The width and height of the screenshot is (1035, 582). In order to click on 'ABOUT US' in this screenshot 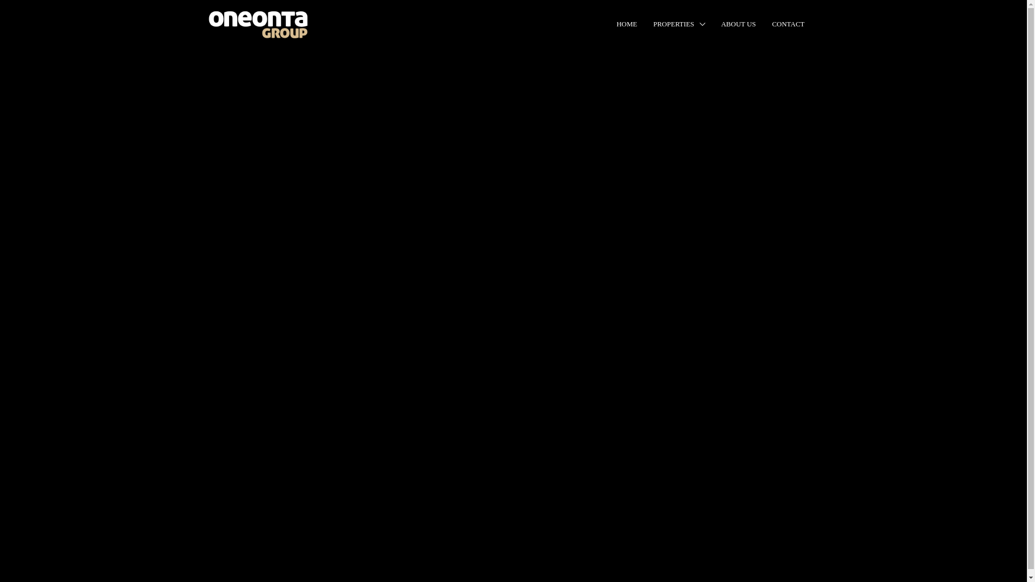, I will do `click(737, 24)`.